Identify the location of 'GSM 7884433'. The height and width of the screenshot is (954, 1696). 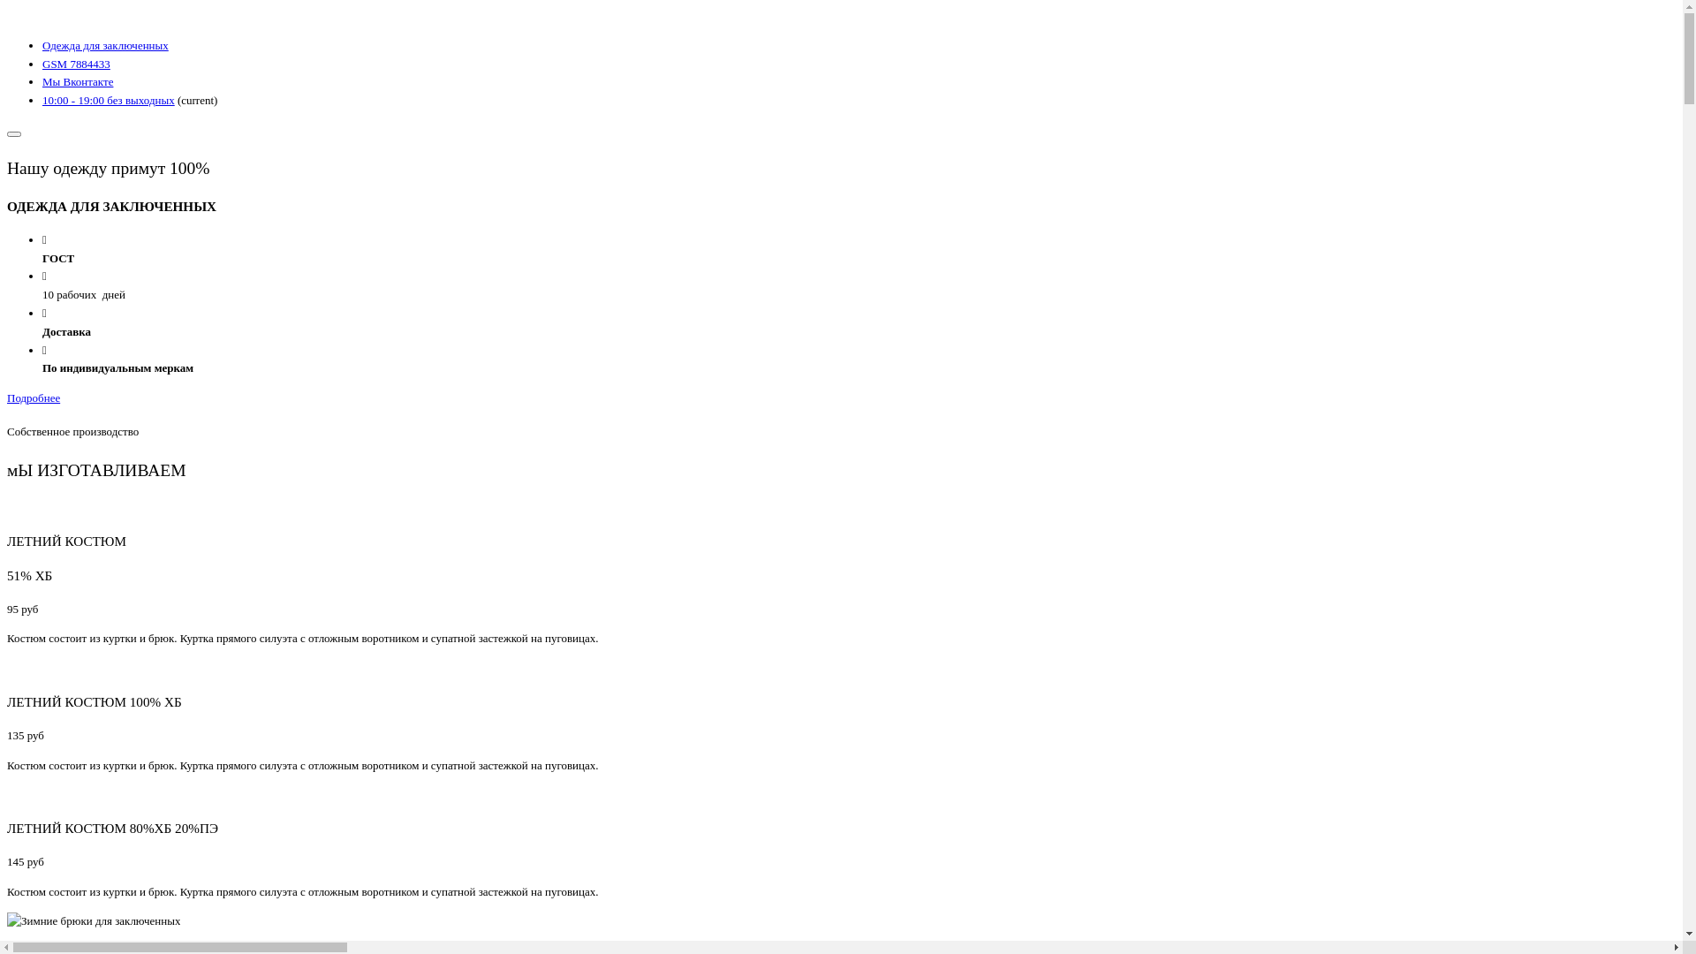
(75, 63).